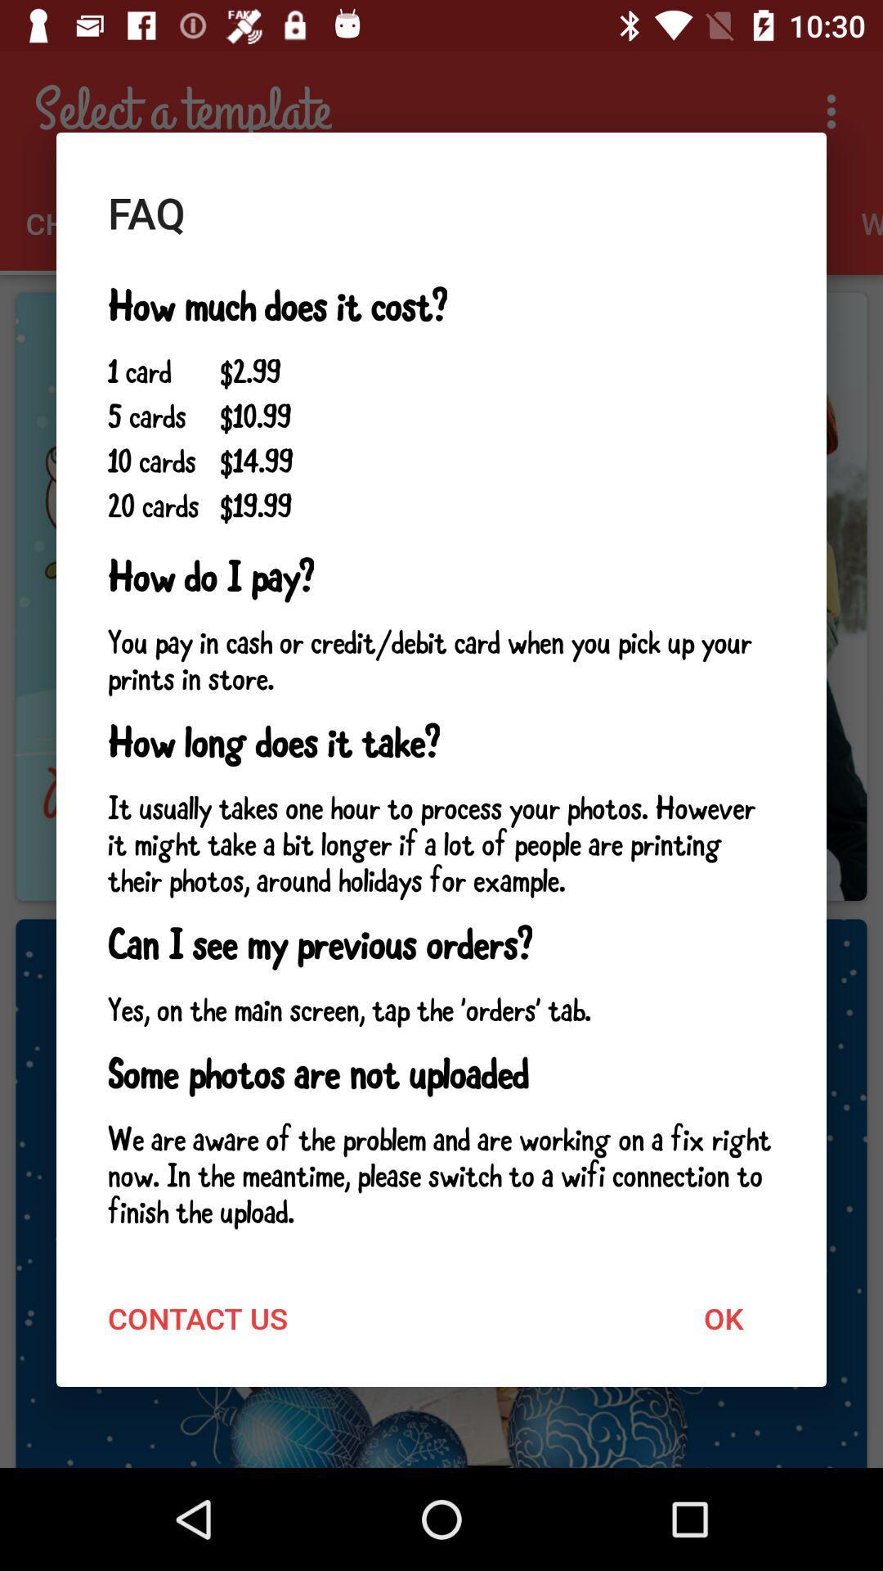 The height and width of the screenshot is (1571, 883). What do you see at coordinates (722, 1318) in the screenshot?
I see `ok` at bounding box center [722, 1318].